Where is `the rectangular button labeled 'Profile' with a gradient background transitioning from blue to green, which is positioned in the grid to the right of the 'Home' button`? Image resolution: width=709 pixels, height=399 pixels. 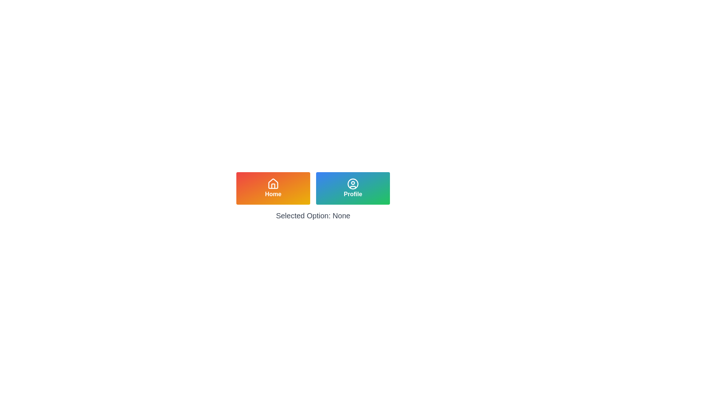 the rectangular button labeled 'Profile' with a gradient background transitioning from blue to green, which is positioned in the grid to the right of the 'Home' button is located at coordinates (352, 188).